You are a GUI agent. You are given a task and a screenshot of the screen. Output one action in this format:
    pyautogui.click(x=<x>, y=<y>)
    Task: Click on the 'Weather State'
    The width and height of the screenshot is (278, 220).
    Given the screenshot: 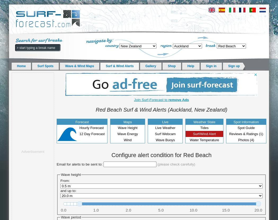 What is the action you would take?
    pyautogui.click(x=204, y=122)
    